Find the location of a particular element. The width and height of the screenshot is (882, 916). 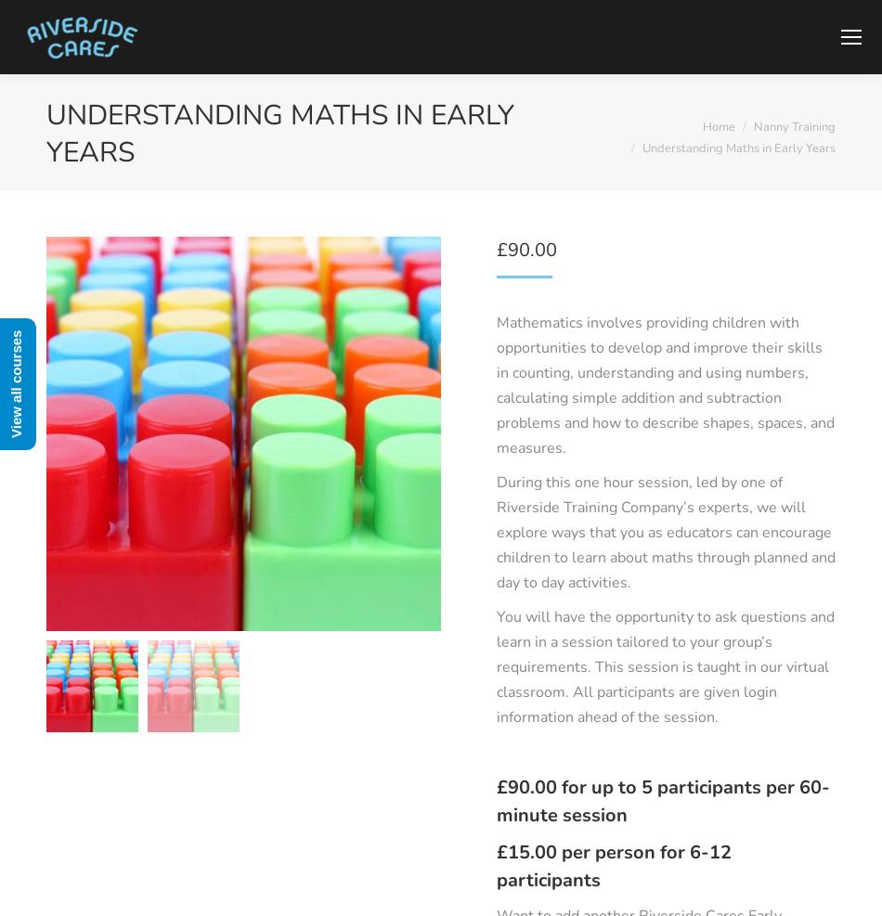

'£15.00 per person for 6-12 participants' is located at coordinates (614, 866).